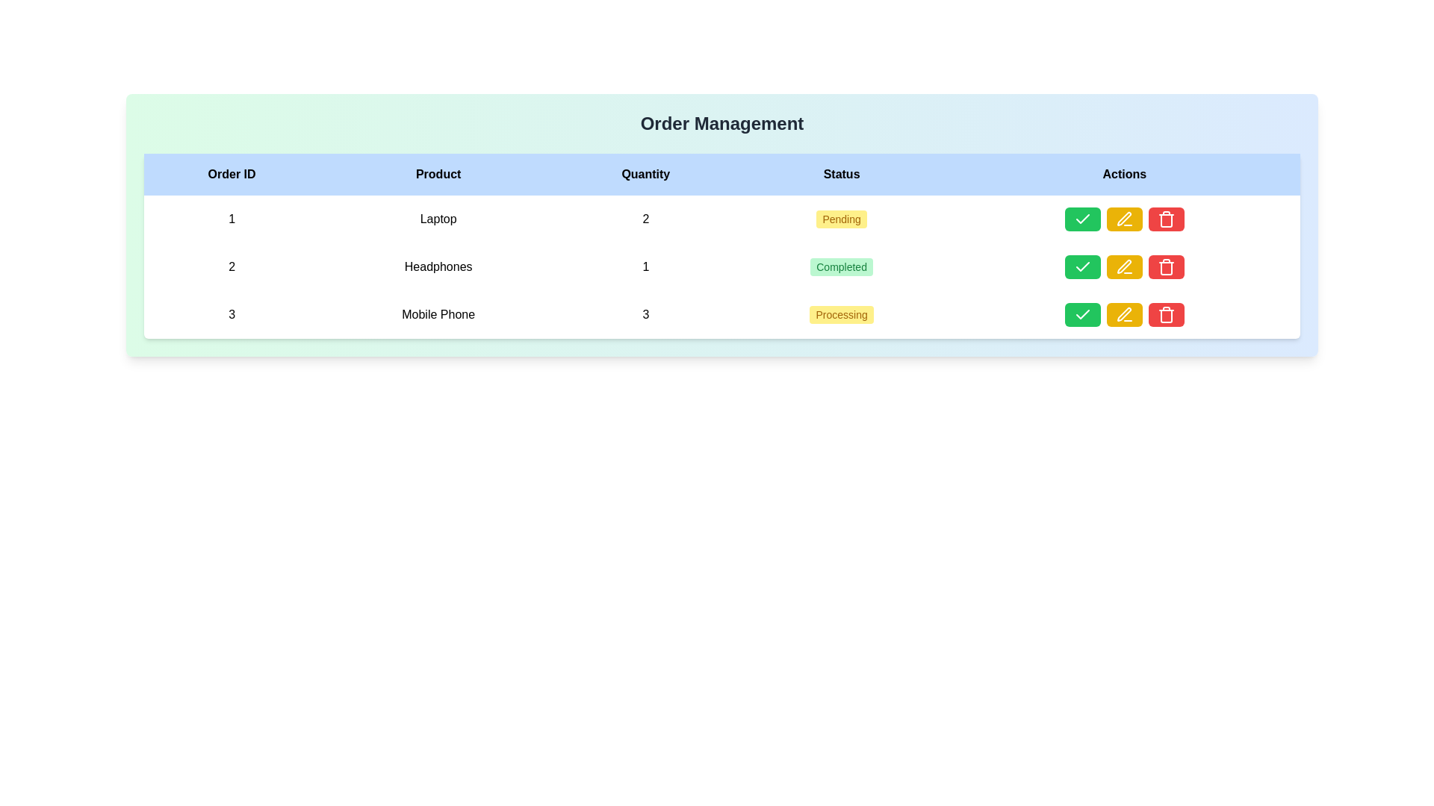 The height and width of the screenshot is (806, 1434). What do you see at coordinates (1124, 313) in the screenshot?
I see `the edit button in the 'Actions' column of the third row of the table to trigger a visual or interactive effect` at bounding box center [1124, 313].